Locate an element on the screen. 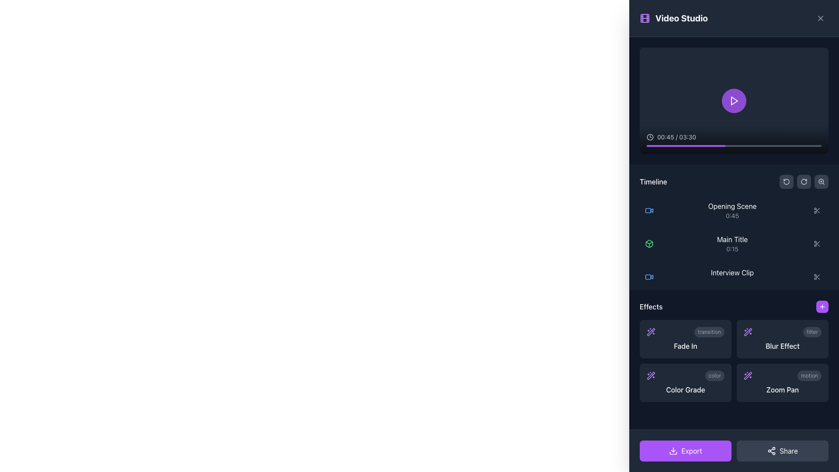  the close button icon located at the rightmost side of the top bar next to the title 'Video Studio' is located at coordinates (820, 18).